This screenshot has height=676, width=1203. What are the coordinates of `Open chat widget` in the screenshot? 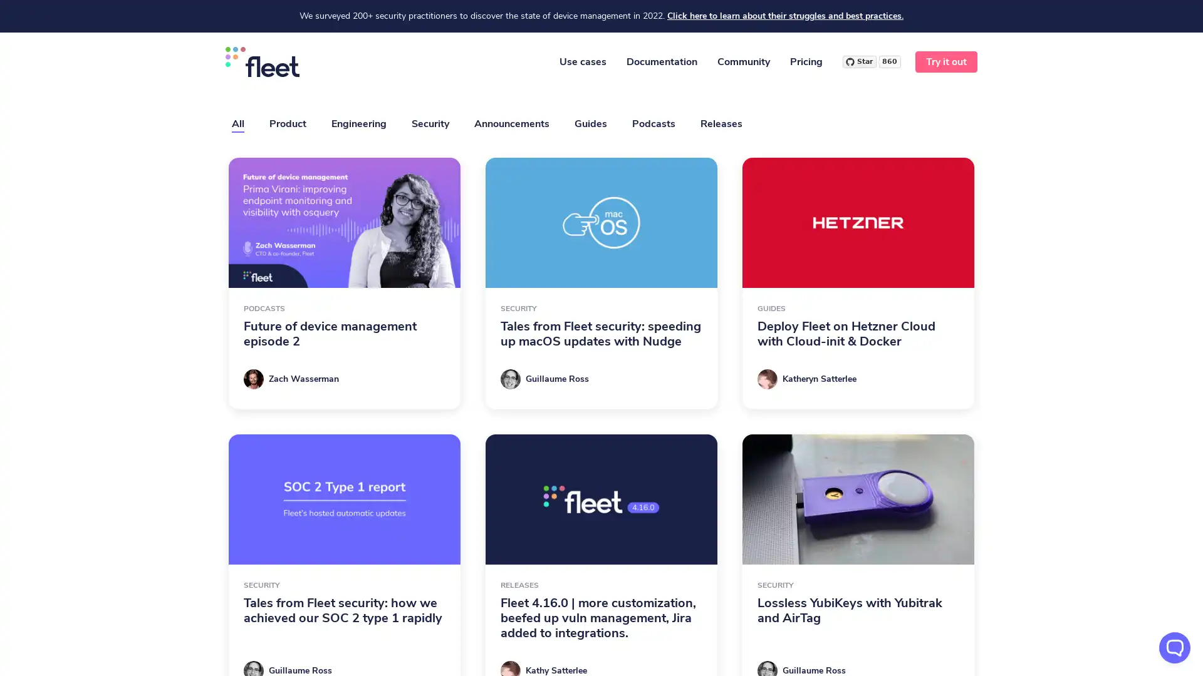 It's located at (1174, 647).